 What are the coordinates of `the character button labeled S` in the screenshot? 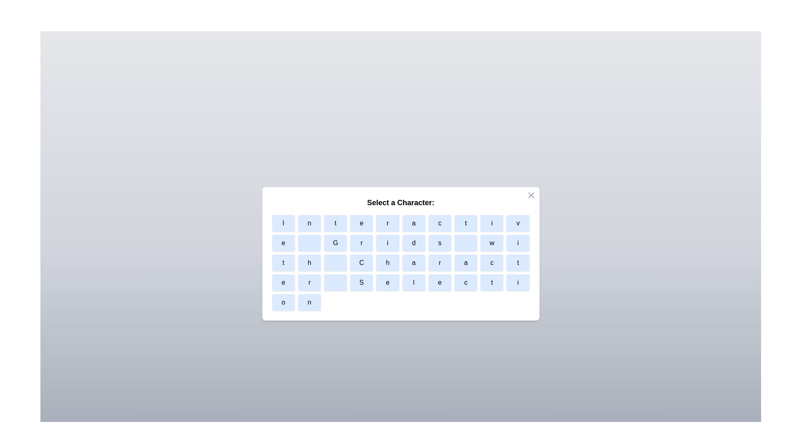 It's located at (361, 282).